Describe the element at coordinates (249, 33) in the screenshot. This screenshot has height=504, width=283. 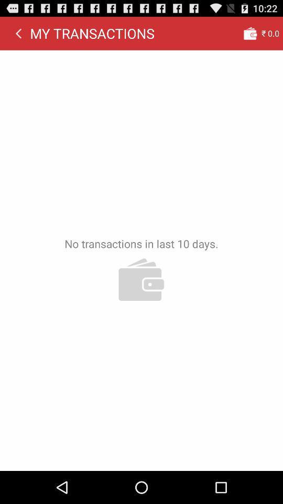
I see `wallet` at that location.